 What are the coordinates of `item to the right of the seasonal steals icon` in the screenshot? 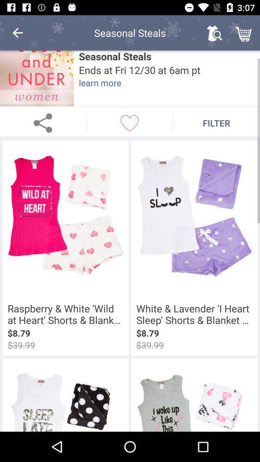 It's located at (214, 33).